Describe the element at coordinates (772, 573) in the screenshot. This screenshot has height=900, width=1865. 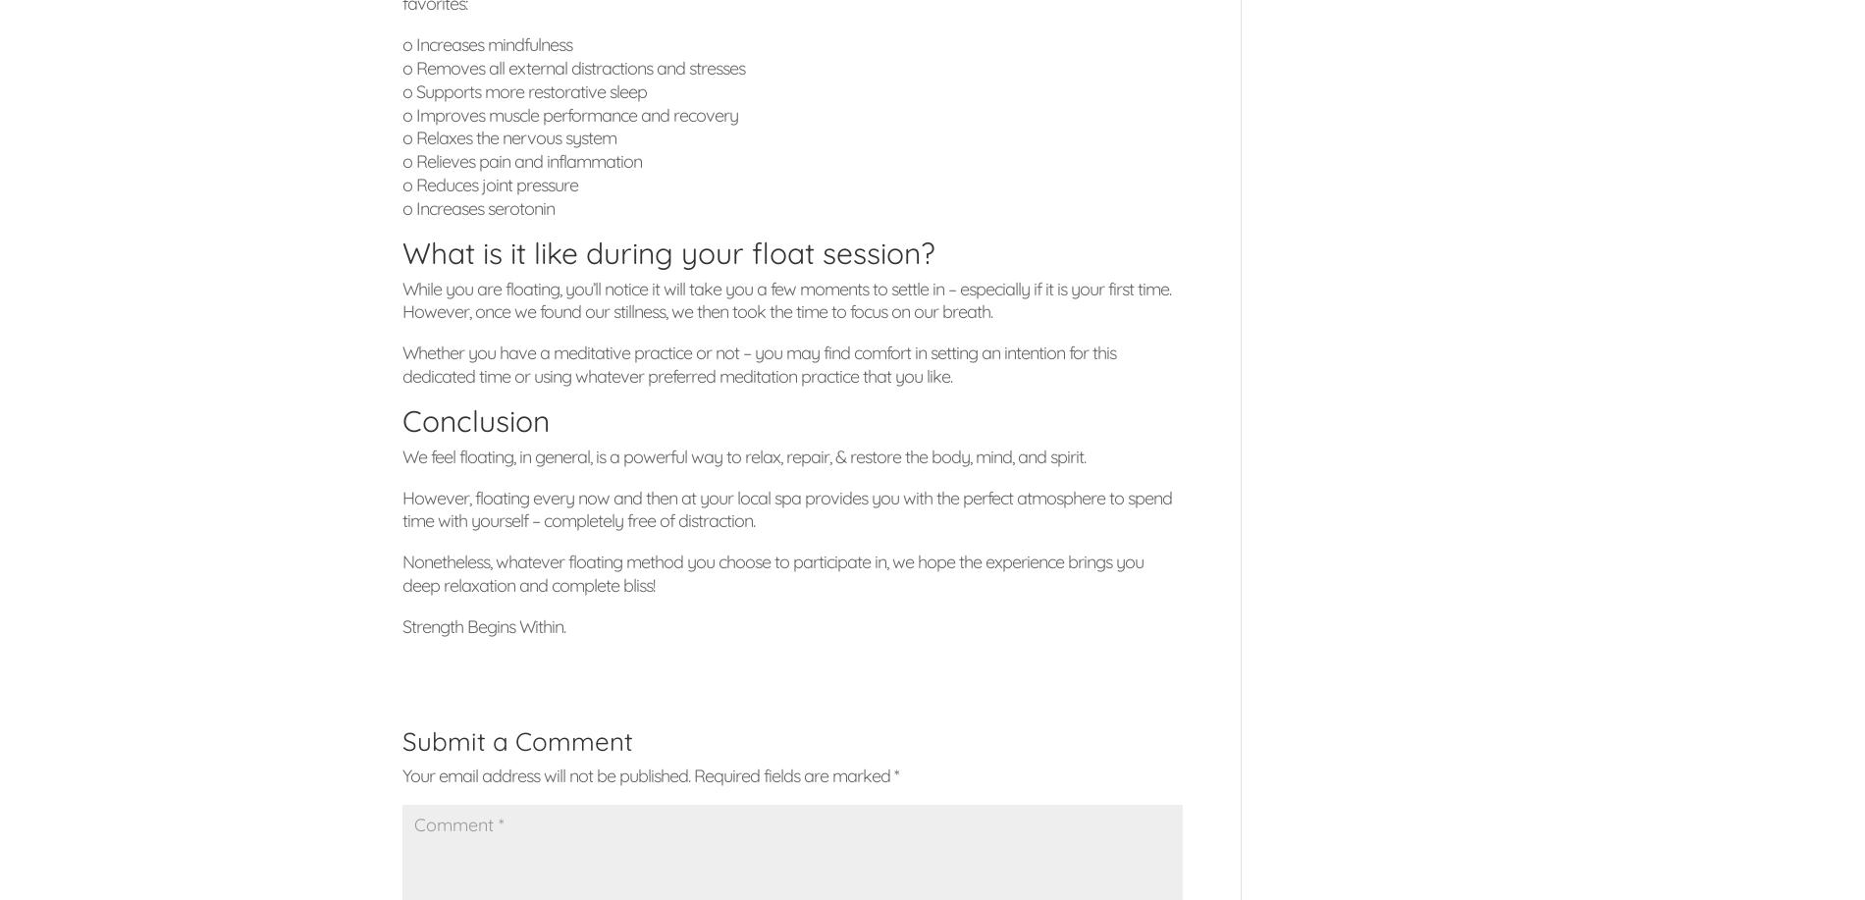
I see `'Nonetheless, whatever floating method you choose to participate in, we hope the experience brings you deep relaxation and complete bliss!'` at that location.